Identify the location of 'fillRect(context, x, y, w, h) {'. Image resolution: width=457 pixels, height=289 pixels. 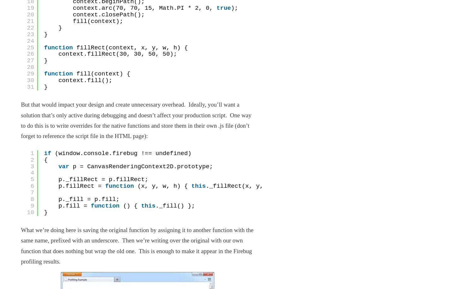
(131, 47).